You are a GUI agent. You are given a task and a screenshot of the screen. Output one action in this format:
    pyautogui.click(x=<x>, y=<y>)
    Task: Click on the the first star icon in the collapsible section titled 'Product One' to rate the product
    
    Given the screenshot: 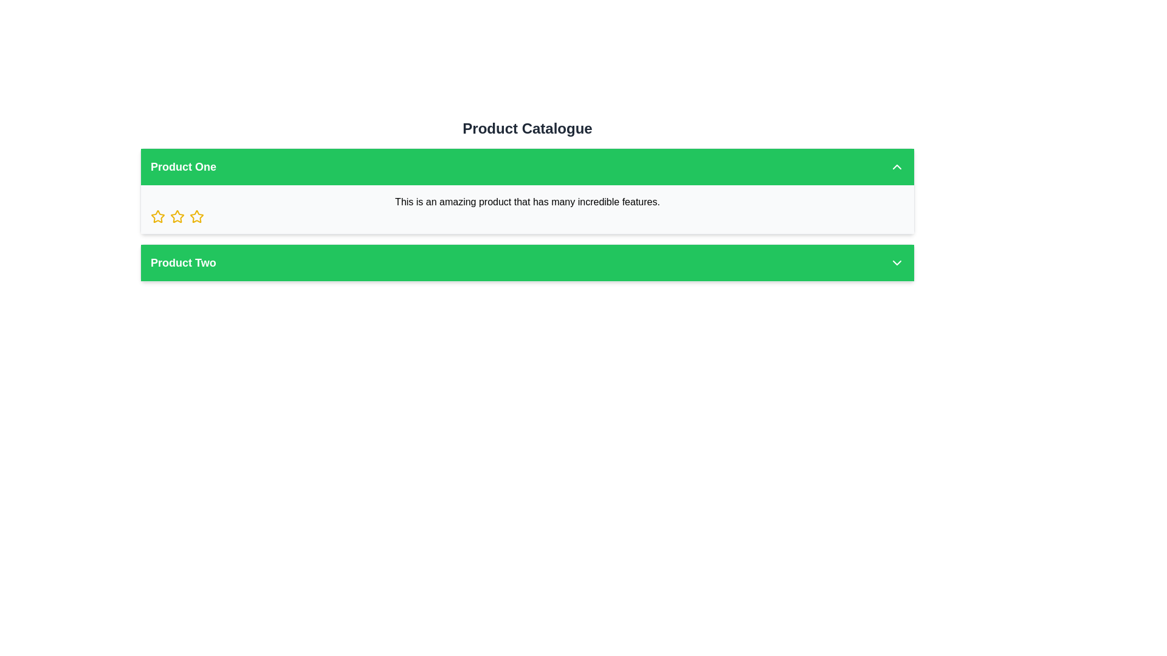 What is the action you would take?
    pyautogui.click(x=157, y=216)
    